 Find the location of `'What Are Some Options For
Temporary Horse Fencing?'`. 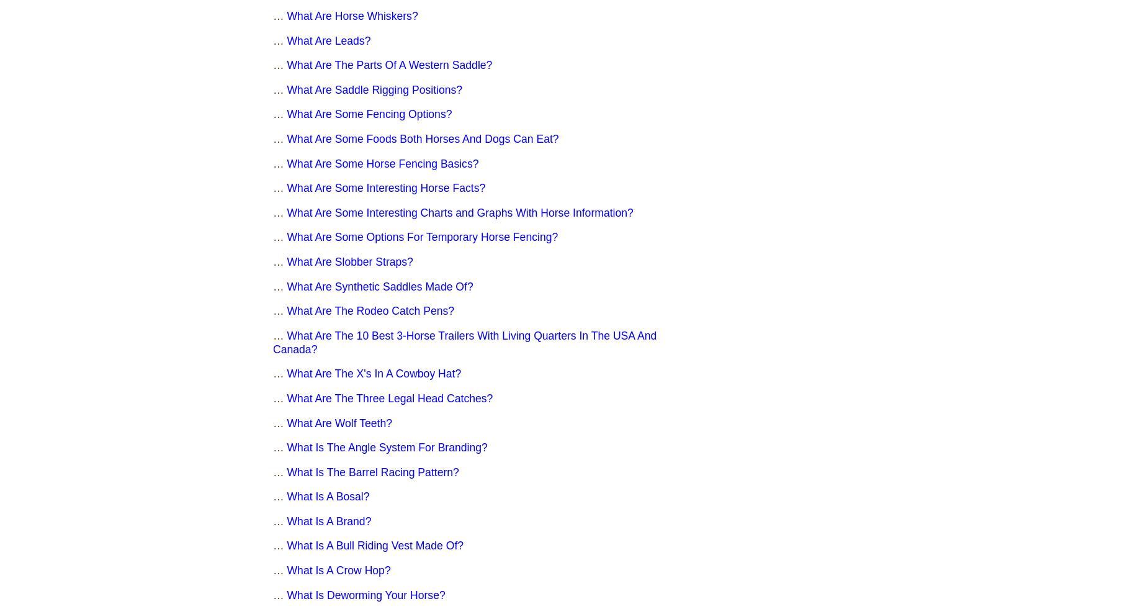

'What Are Some Options For
Temporary Horse Fencing?' is located at coordinates (422, 237).